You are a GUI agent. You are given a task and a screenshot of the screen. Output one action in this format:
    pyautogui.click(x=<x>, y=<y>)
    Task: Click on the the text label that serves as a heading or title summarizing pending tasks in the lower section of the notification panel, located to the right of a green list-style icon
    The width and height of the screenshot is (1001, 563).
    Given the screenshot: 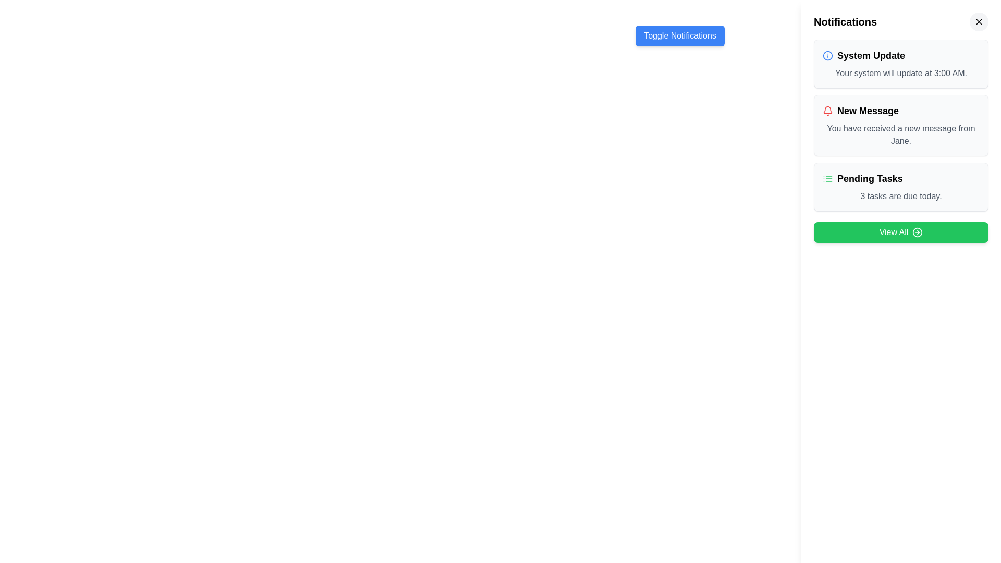 What is the action you would take?
    pyautogui.click(x=870, y=178)
    